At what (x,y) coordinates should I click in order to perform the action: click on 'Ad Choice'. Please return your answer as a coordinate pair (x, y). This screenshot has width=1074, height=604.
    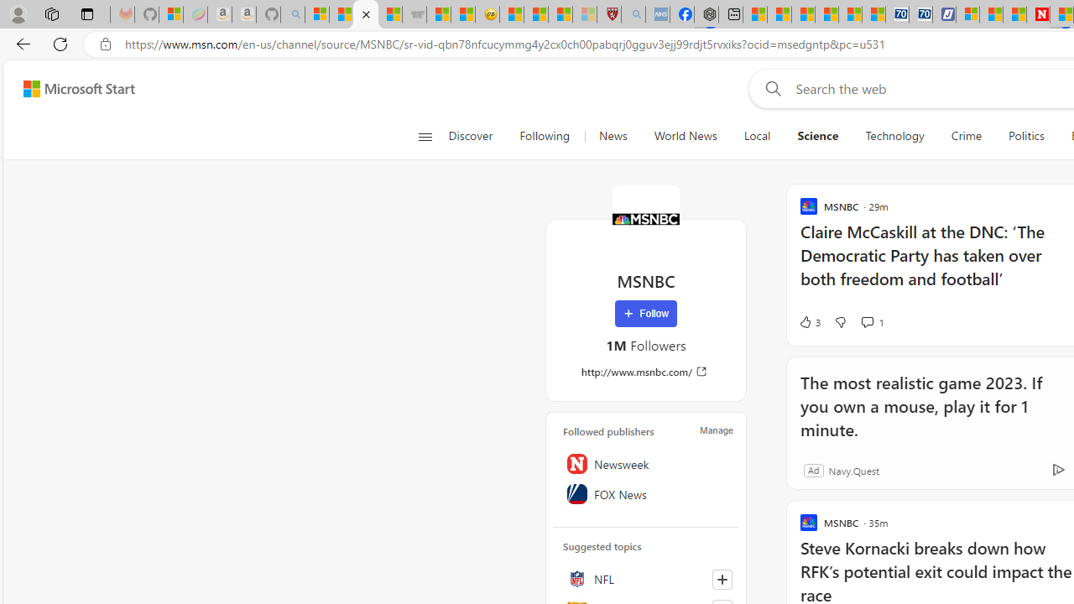
    Looking at the image, I should click on (1057, 470).